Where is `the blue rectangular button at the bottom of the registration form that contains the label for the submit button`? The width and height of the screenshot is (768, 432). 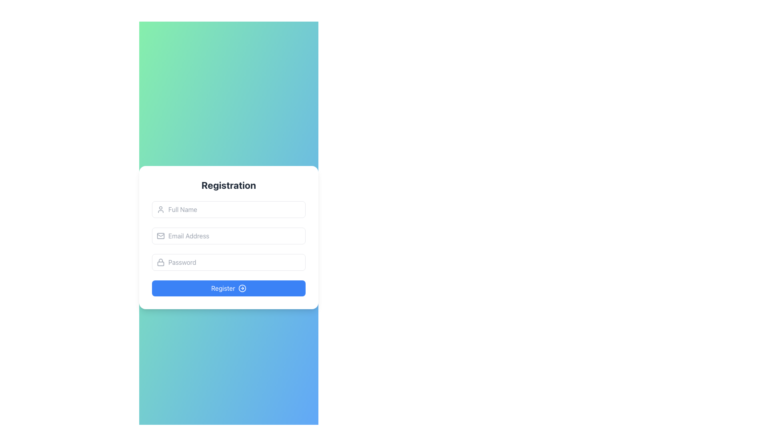
the blue rectangular button at the bottom of the registration form that contains the label for the submit button is located at coordinates (223, 288).